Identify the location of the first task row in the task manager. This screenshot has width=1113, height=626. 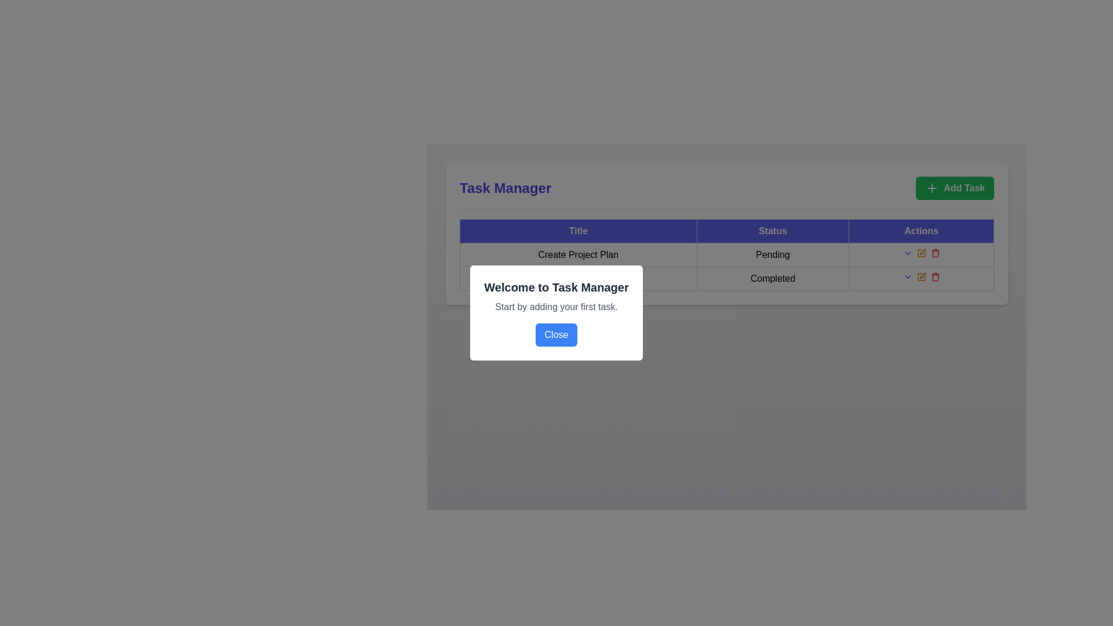
(726, 254).